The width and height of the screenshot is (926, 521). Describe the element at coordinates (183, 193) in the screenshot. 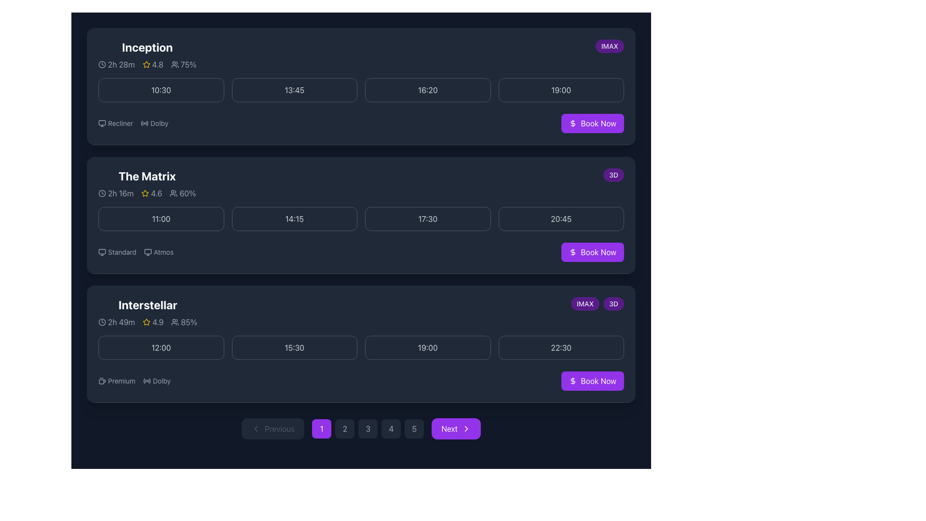

I see `the text with icon indicating user-related information for 'The Matrix', positioned below the movie title and to the right of the star rating (4.6)` at that location.